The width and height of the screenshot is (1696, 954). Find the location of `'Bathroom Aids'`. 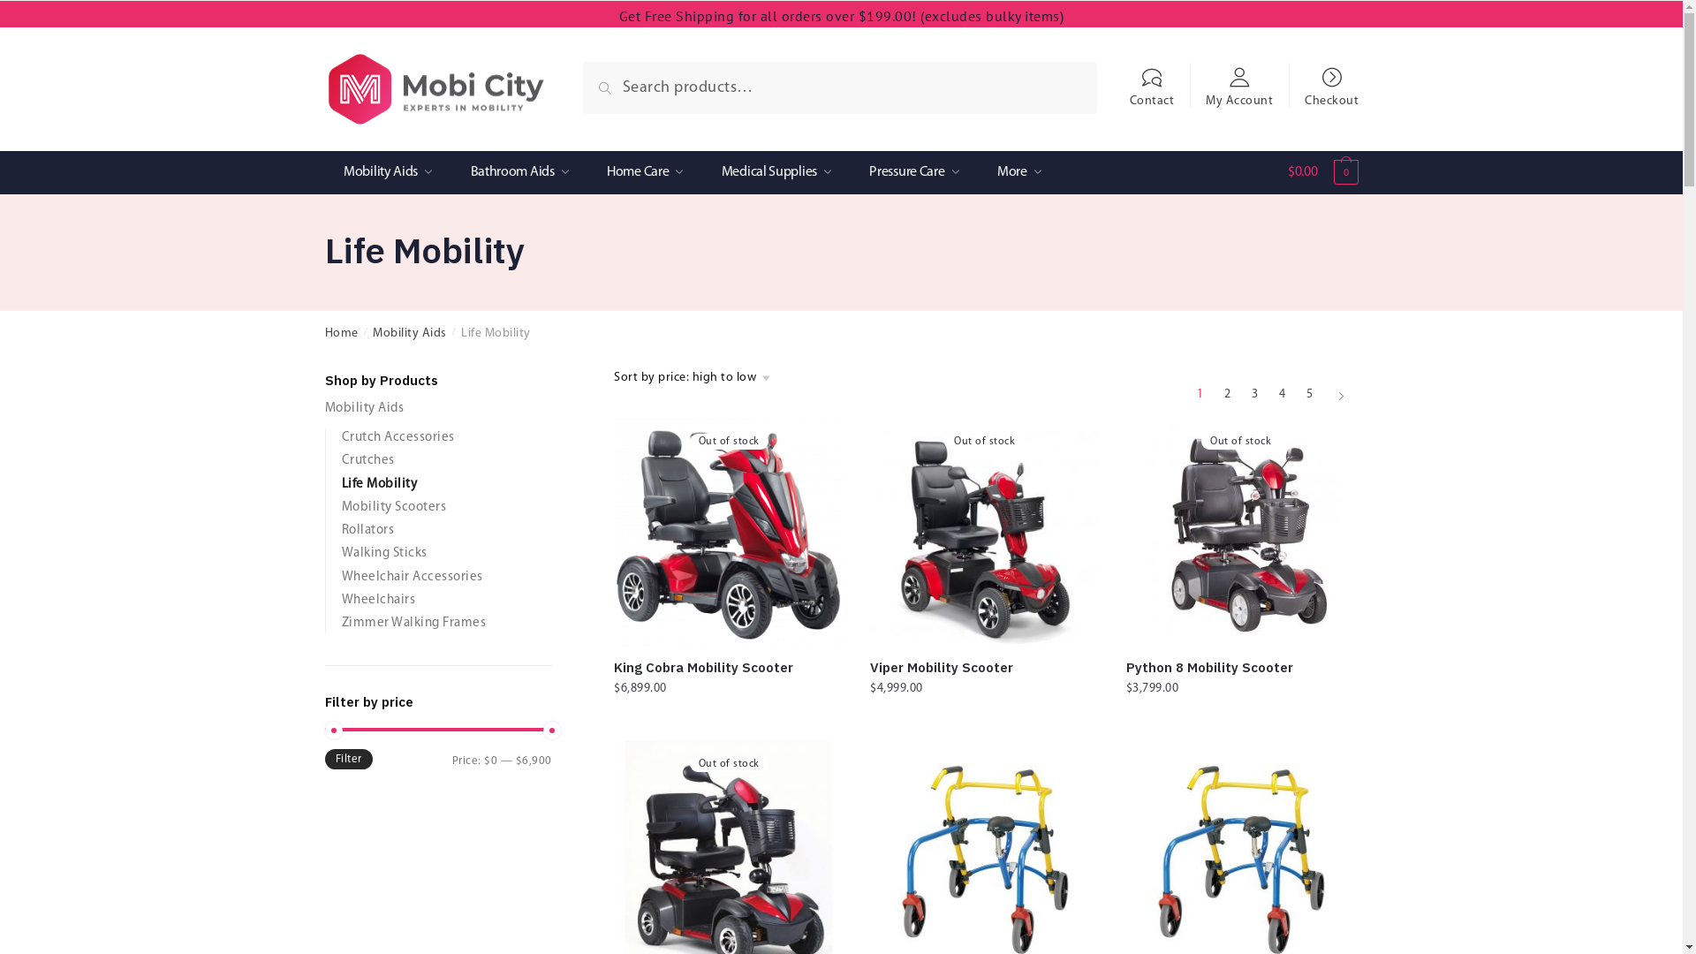

'Bathroom Aids' is located at coordinates (519, 172).